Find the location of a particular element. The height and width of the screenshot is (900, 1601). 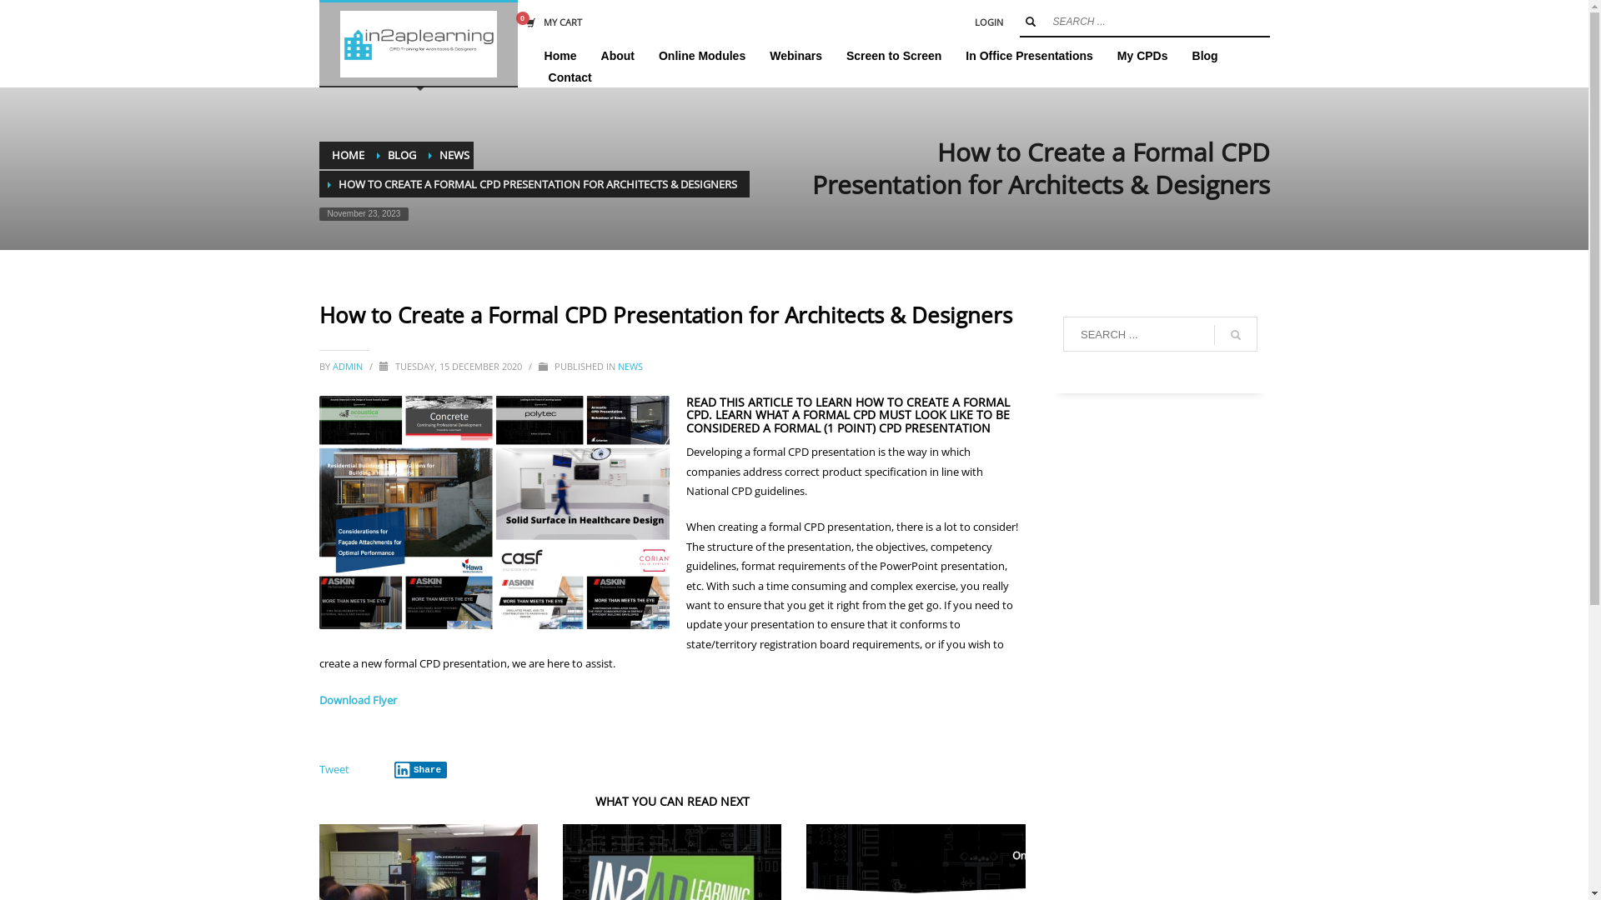

'LOGIN' is located at coordinates (988, 22).